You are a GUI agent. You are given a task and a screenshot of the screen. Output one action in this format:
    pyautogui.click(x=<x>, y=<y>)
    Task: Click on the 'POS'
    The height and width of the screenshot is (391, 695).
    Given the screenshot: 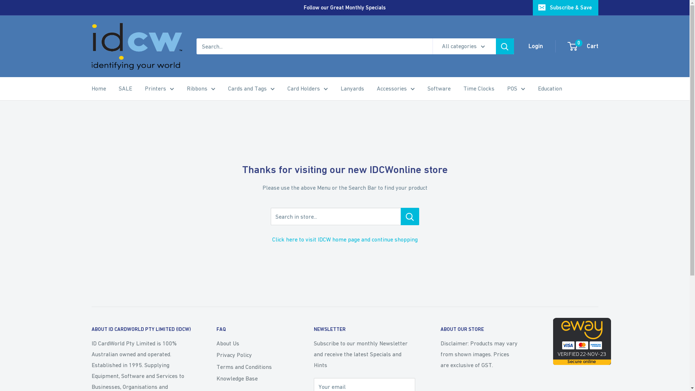 What is the action you would take?
    pyautogui.click(x=515, y=88)
    